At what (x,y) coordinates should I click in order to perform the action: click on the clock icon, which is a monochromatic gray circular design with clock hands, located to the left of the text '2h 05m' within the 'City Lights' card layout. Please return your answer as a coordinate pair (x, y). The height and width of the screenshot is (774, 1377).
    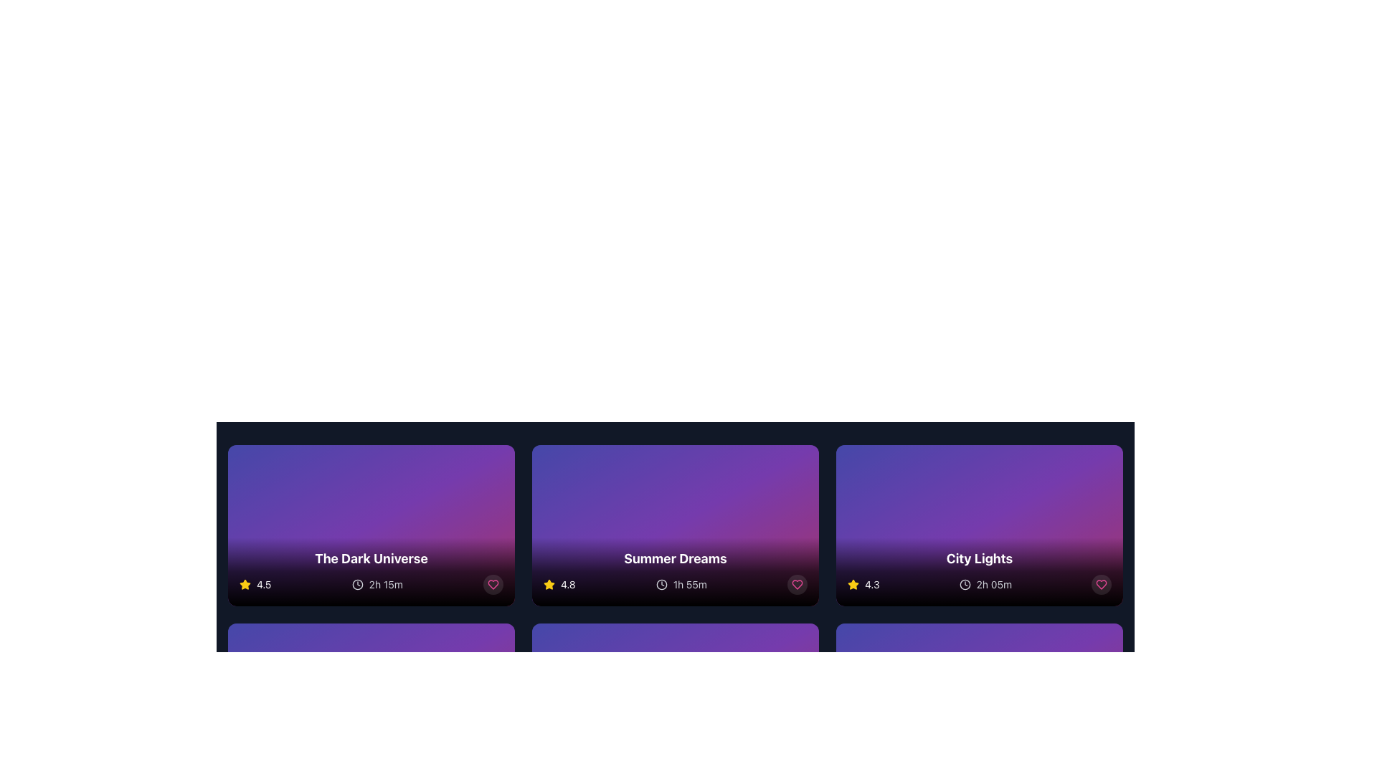
    Looking at the image, I should click on (965, 585).